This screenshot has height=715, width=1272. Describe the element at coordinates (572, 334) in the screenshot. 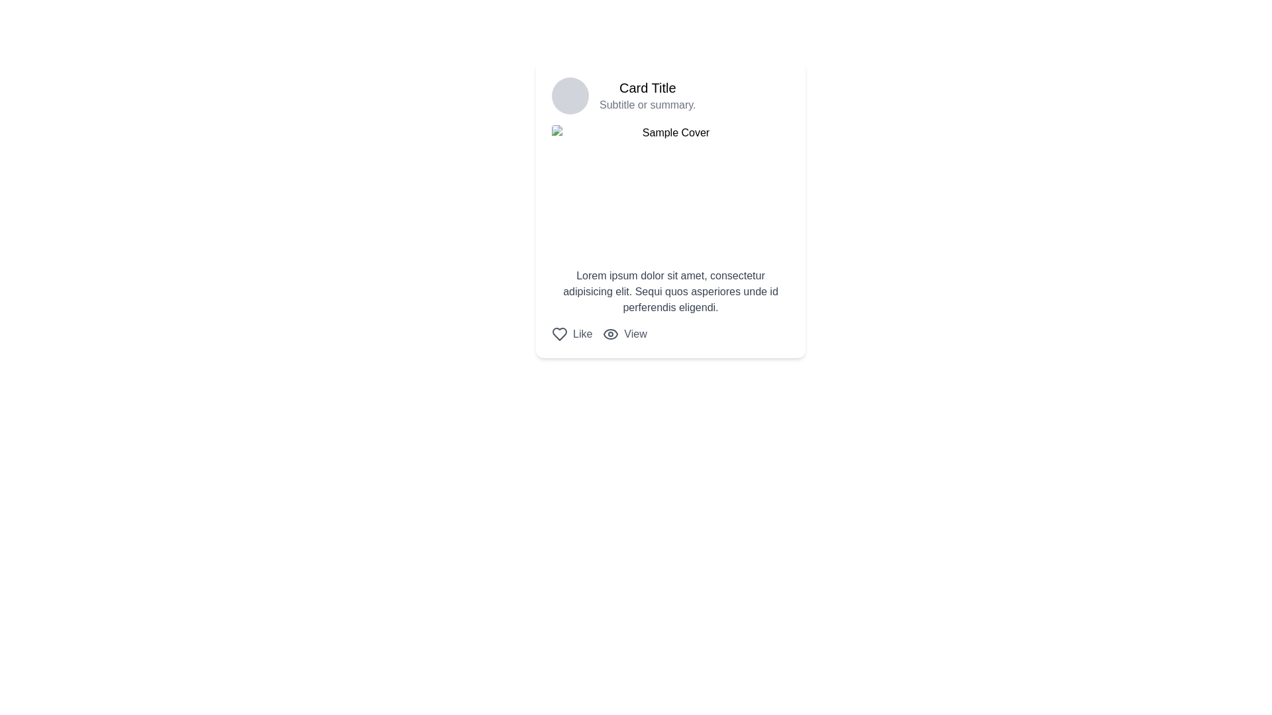

I see `the first button in the row to express approval for the item` at that location.